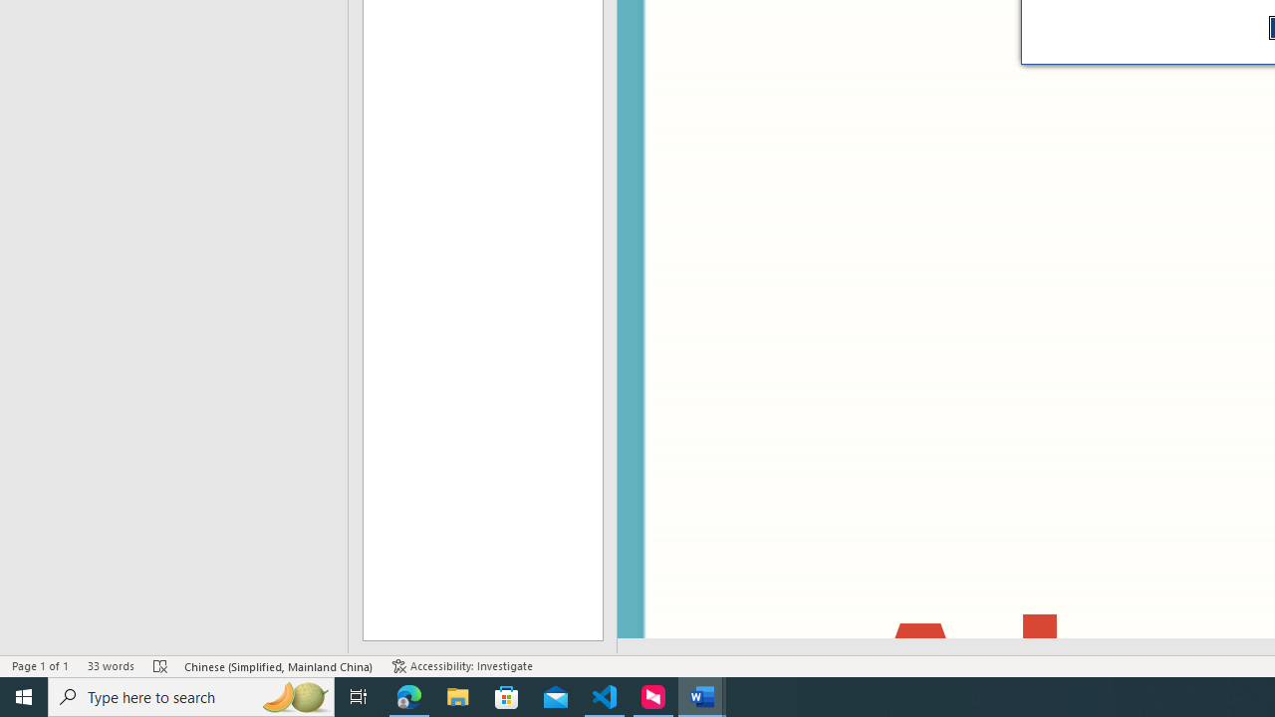 The width and height of the screenshot is (1275, 717). I want to click on 'Microsoft Edge - 1 running window', so click(408, 695).